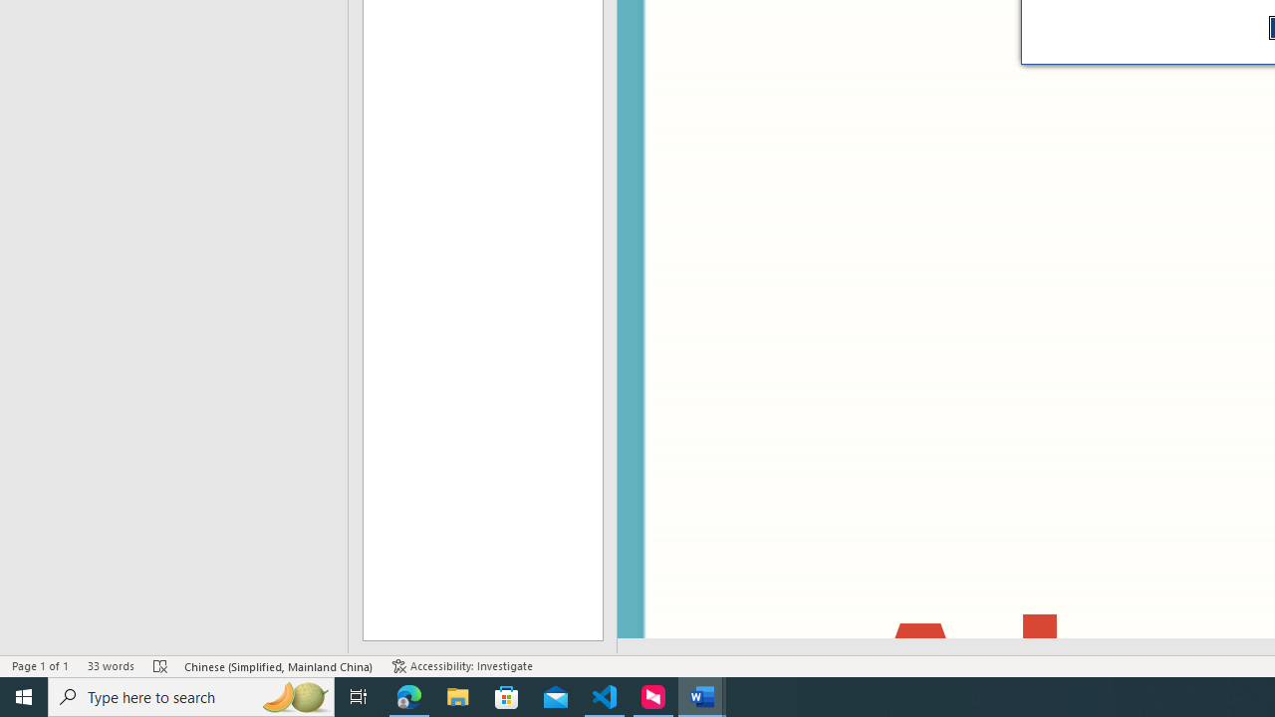 The width and height of the screenshot is (1275, 717). I want to click on 'Microsoft Edge - 1 running window', so click(408, 695).